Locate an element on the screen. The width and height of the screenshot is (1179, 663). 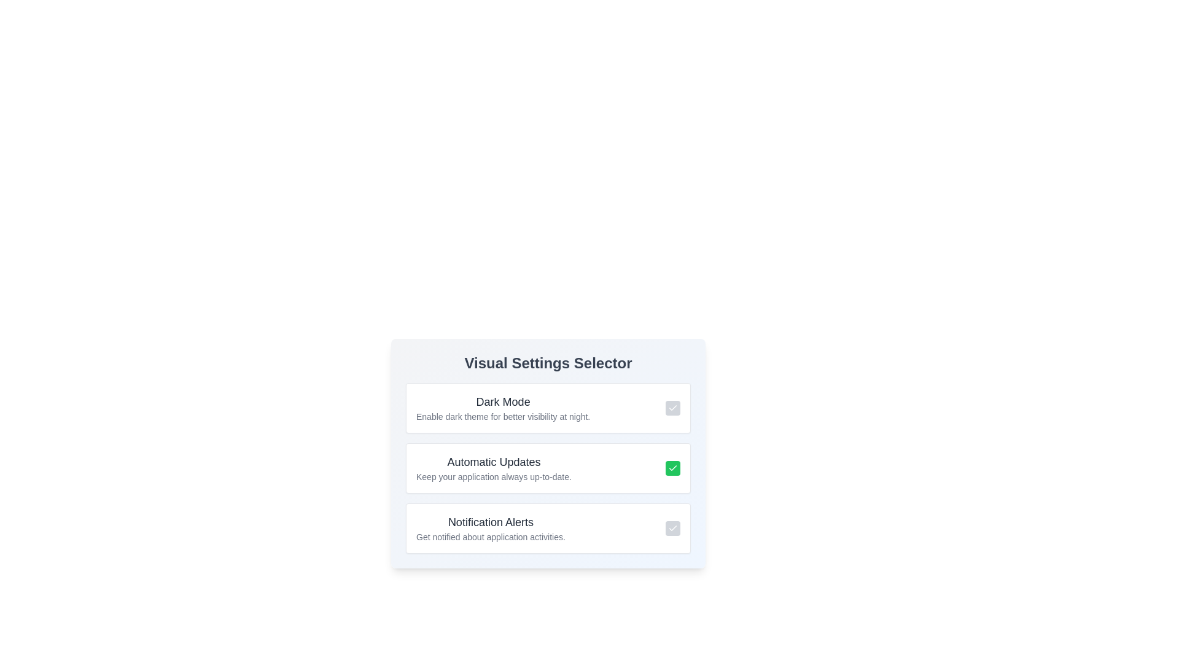
the informational text label explaining the 'Dark Mode' feature, which is located directly below its title in the 'Dark Mode' section is located at coordinates (503, 416).